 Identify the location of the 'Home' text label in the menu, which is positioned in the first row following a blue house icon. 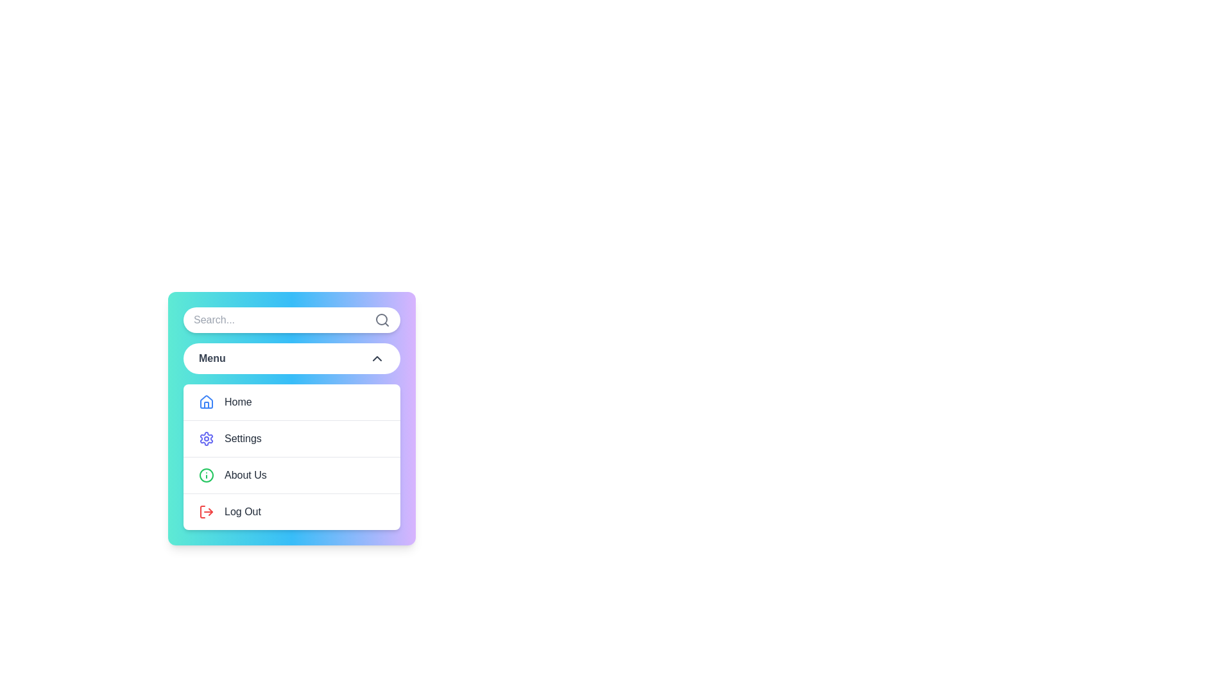
(238, 402).